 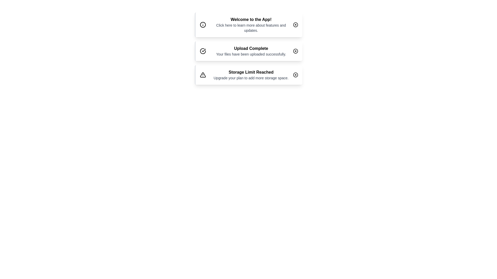 I want to click on close button of the notification to dismiss it, so click(x=296, y=25).